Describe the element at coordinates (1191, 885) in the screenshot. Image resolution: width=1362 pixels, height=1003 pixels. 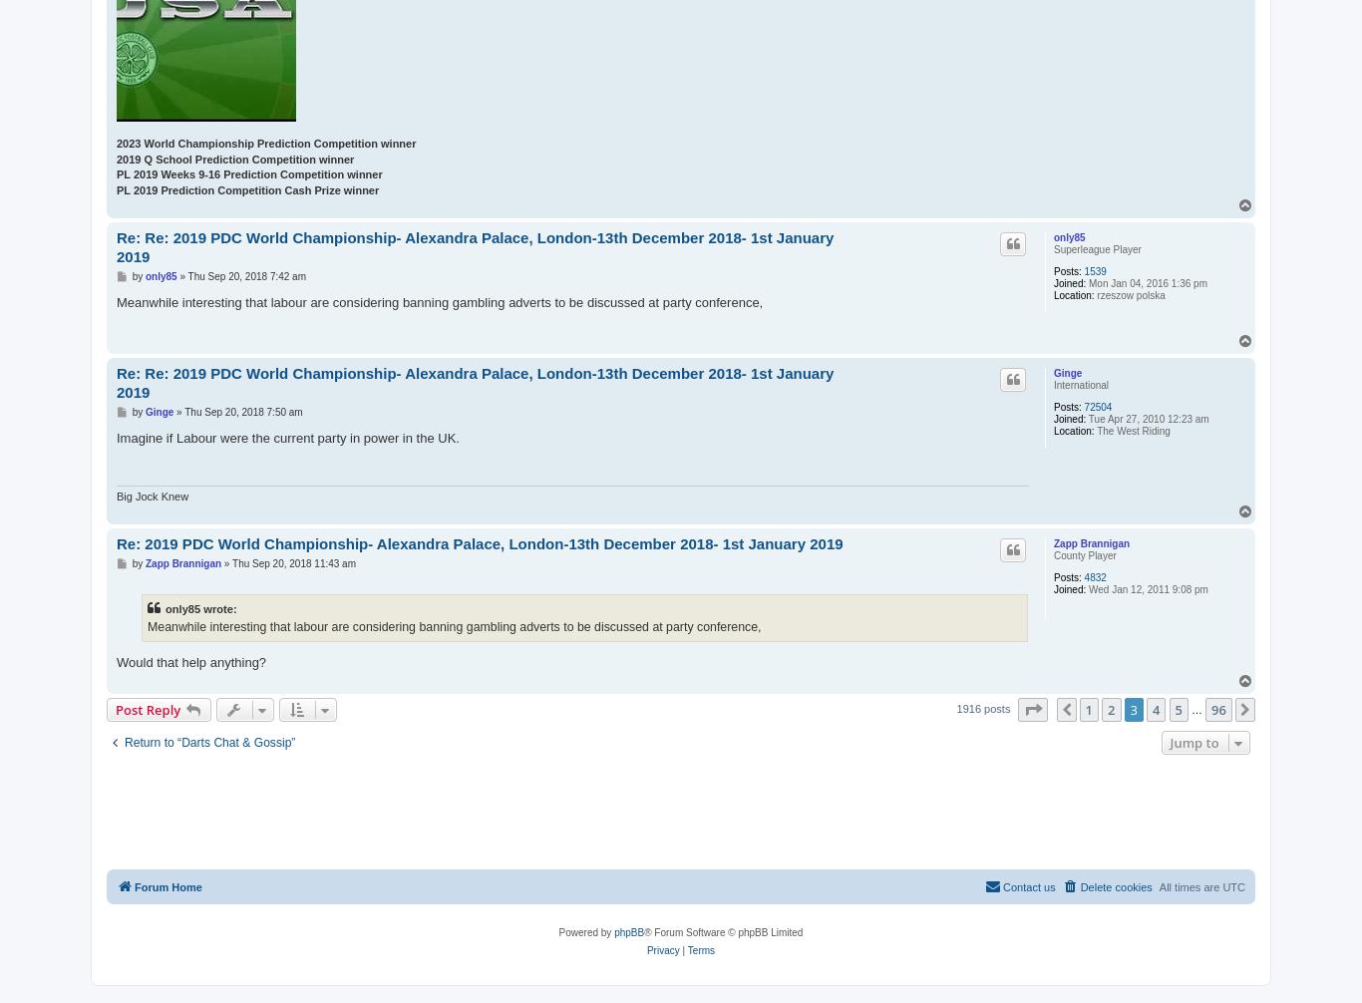
I see `'All times are'` at that location.